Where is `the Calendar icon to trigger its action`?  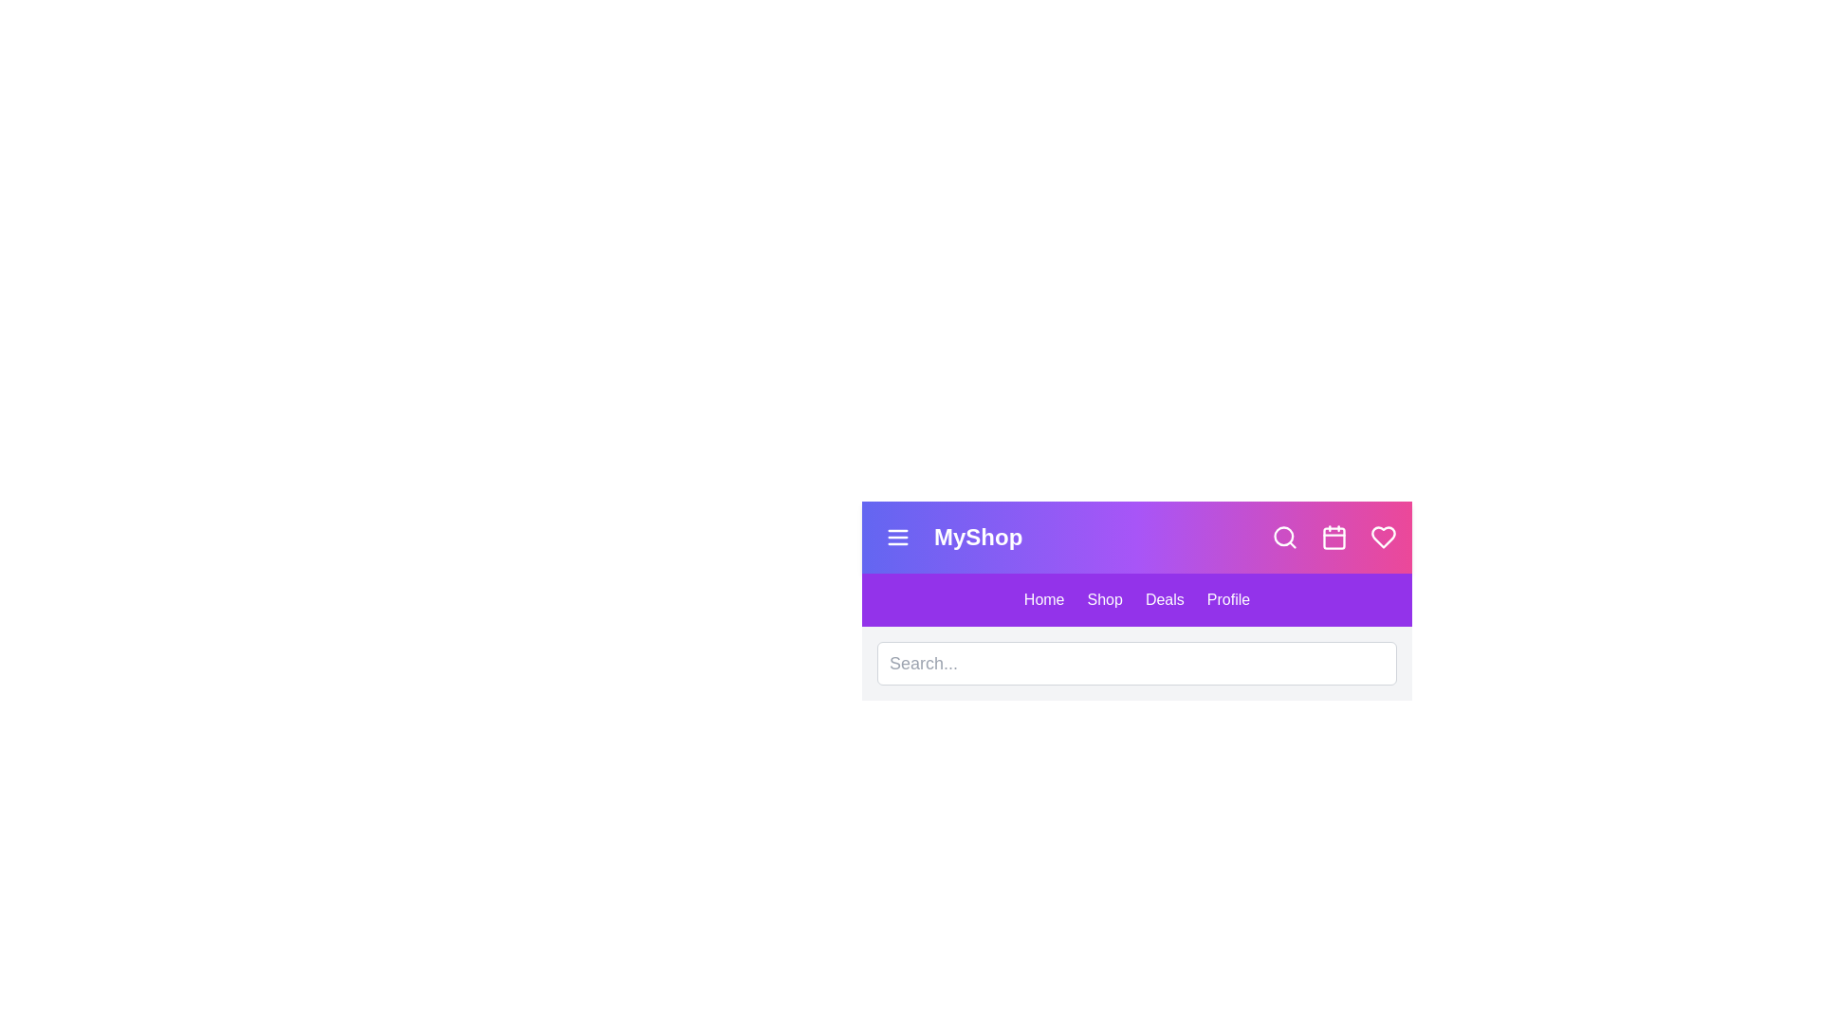
the Calendar icon to trigger its action is located at coordinates (1333, 538).